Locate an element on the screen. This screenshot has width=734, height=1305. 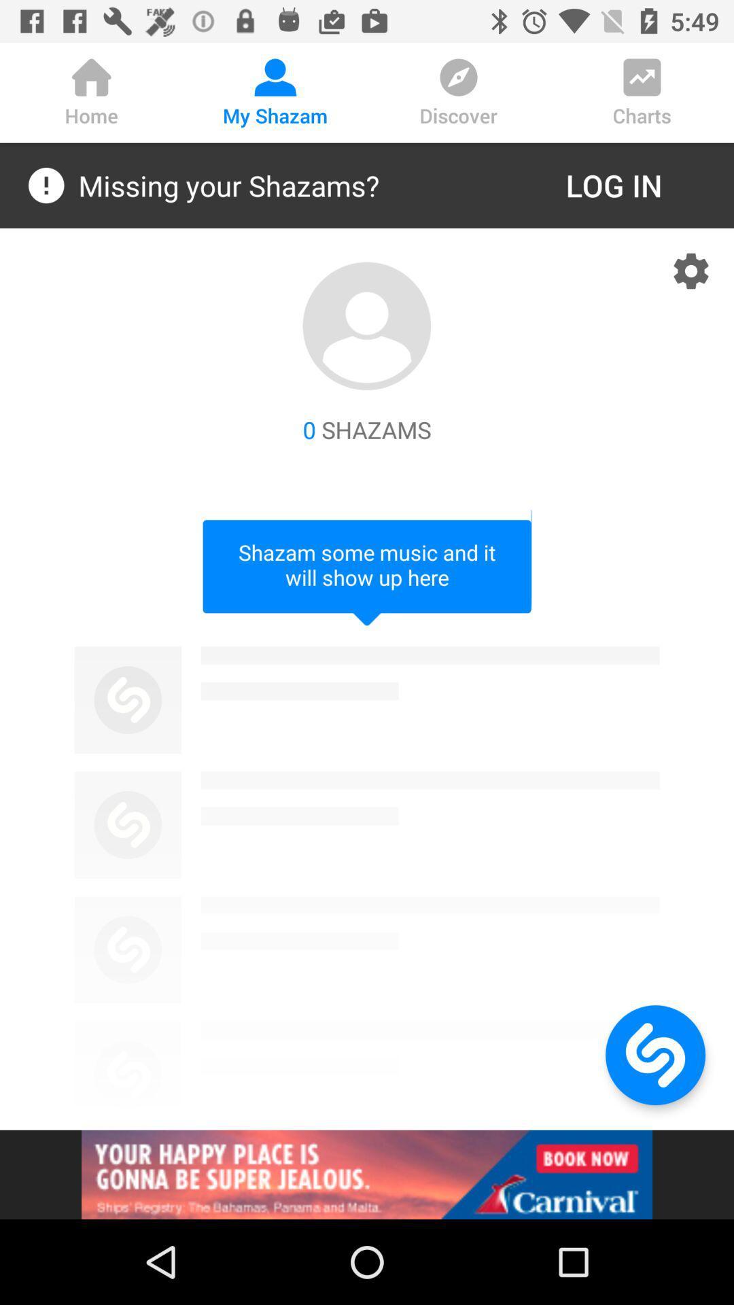
the settings icon is located at coordinates (691, 271).